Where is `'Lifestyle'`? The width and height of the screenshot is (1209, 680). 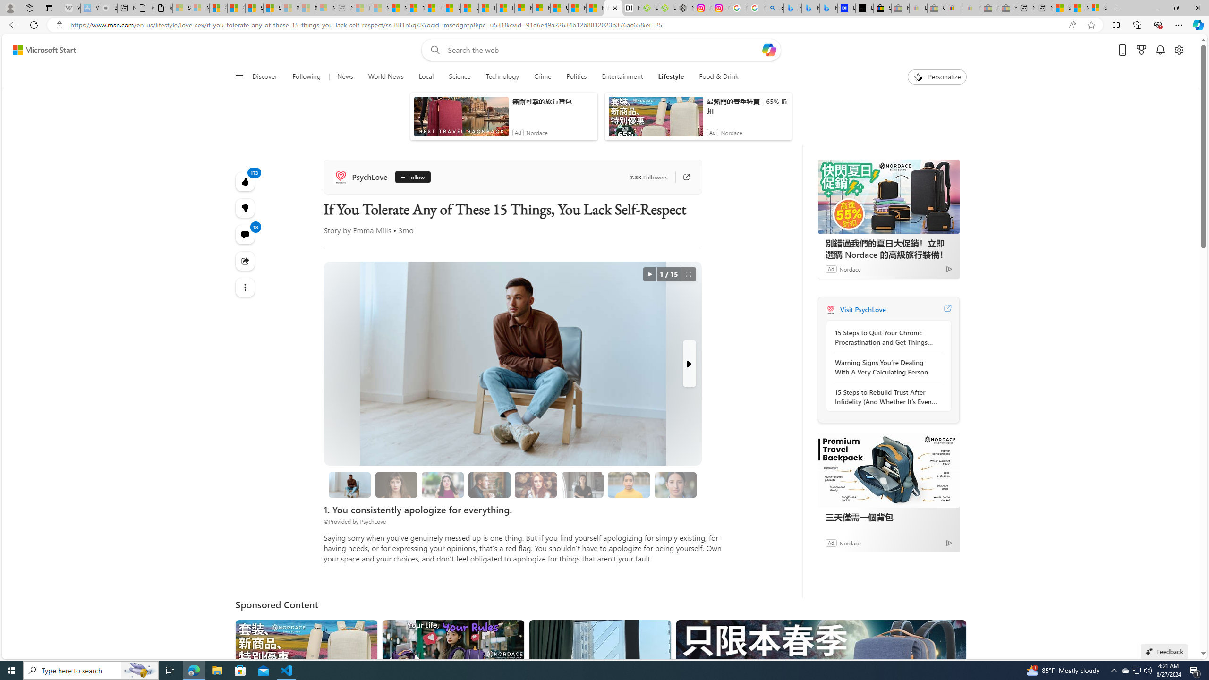
'Lifestyle' is located at coordinates (670, 76).